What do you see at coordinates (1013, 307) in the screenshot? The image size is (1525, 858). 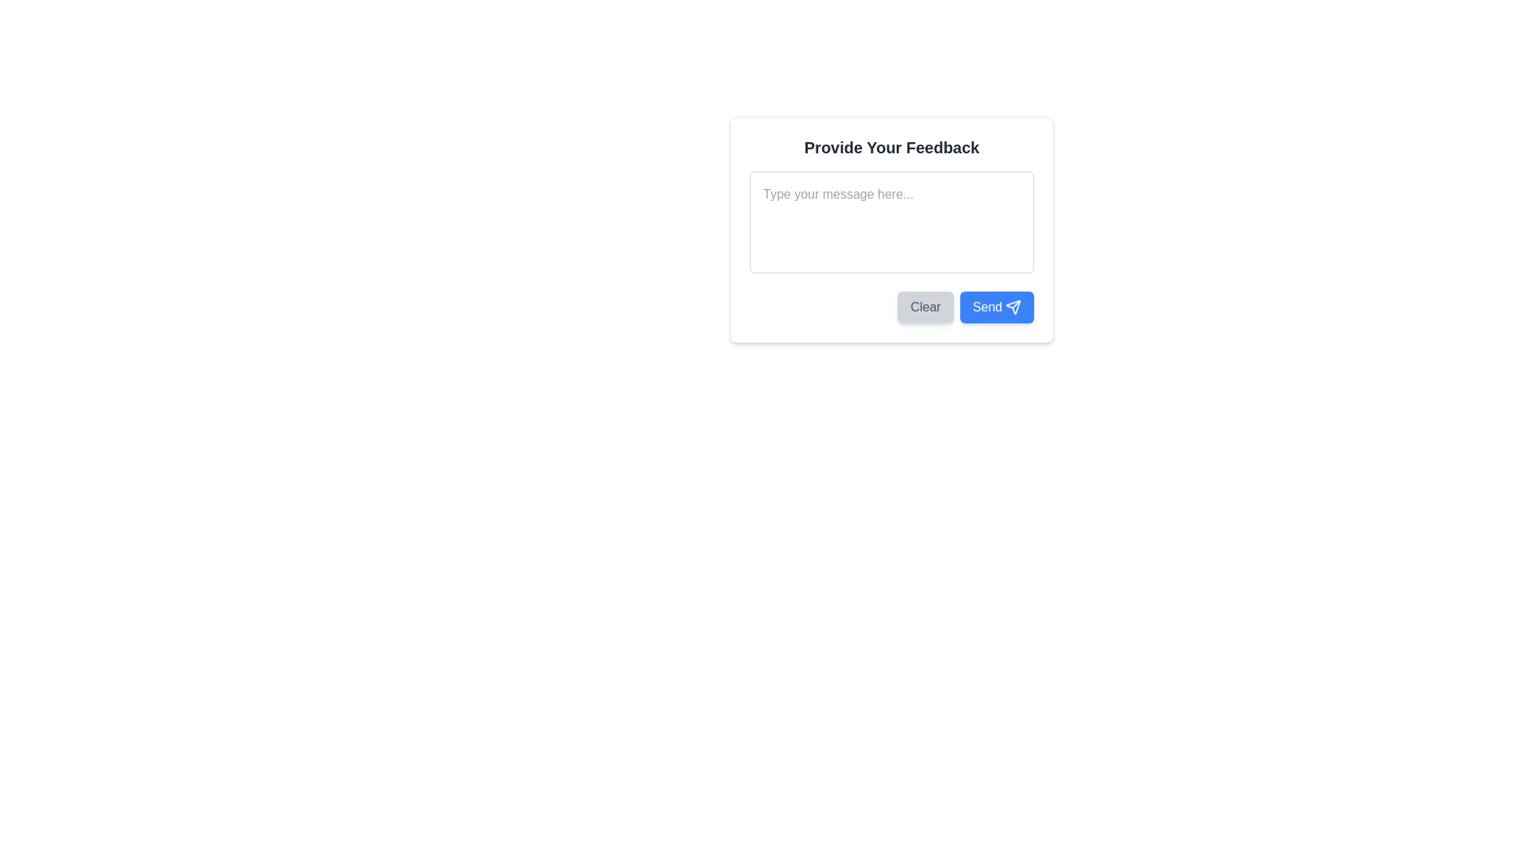 I see `the paper plane icon located within the 'Send' button at the bottom right of the feedback form` at bounding box center [1013, 307].